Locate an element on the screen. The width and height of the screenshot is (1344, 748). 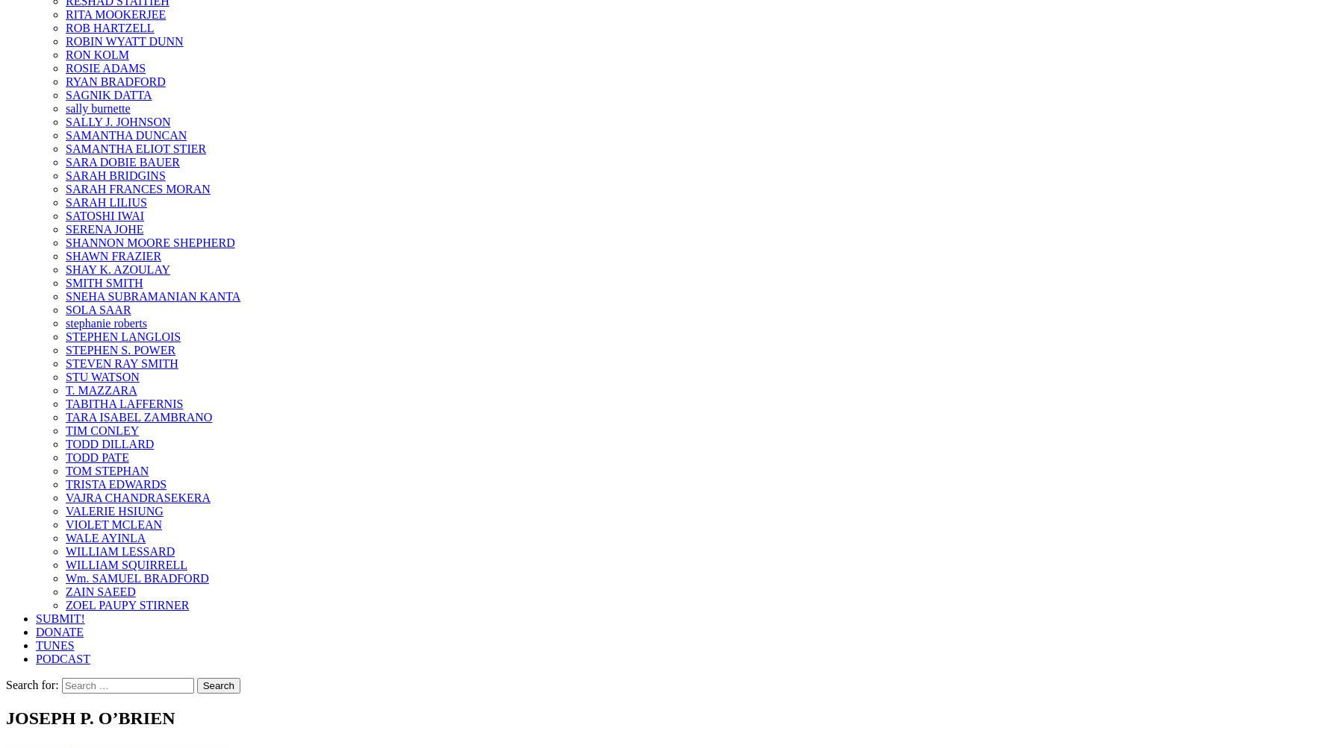
'RON KOLM' is located at coordinates (96, 54).